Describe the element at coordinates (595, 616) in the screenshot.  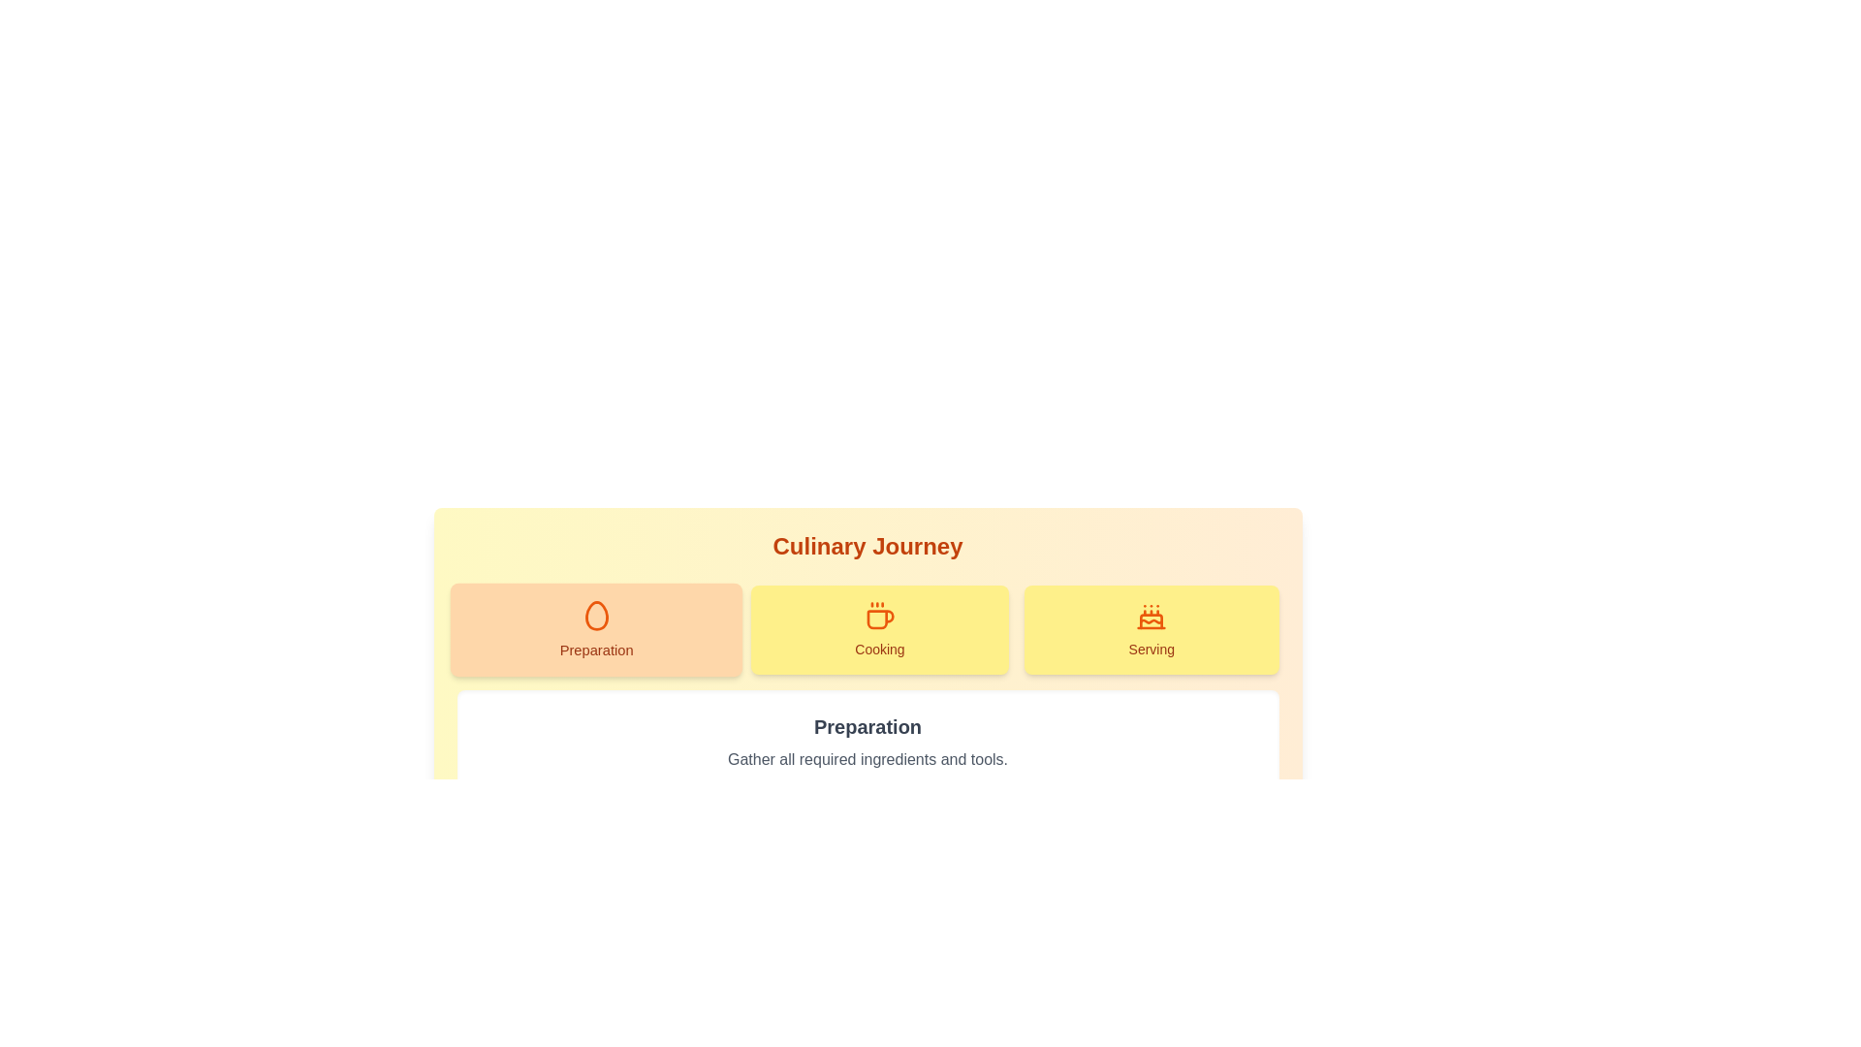
I see `the egg-shaped 'Preparation' icon, which is the first tile in a row of three tiles labeled 'Cooking' and 'Serving'` at that location.